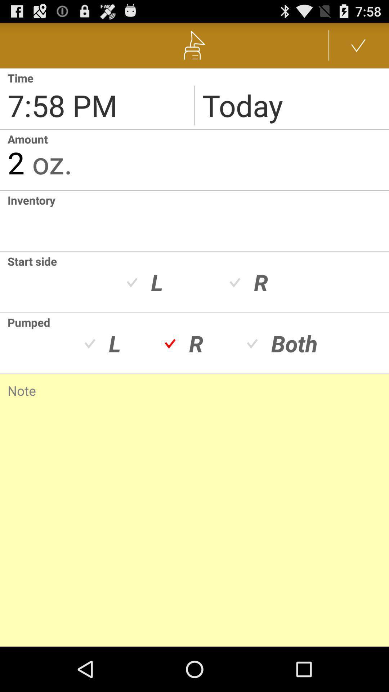 The image size is (389, 692). I want to click on shows current time, so click(97, 98).